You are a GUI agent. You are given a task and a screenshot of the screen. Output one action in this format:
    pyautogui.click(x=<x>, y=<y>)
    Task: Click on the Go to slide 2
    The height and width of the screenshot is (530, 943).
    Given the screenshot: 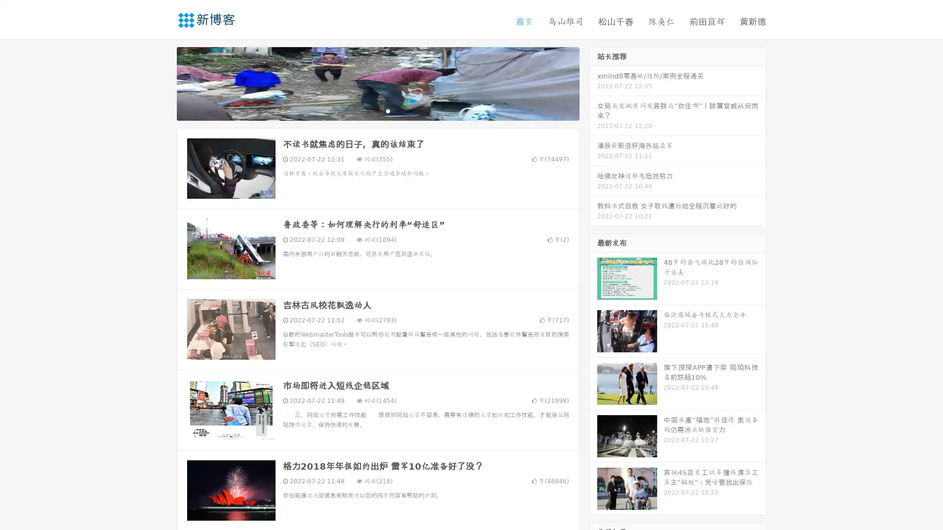 What is the action you would take?
    pyautogui.click(x=377, y=110)
    